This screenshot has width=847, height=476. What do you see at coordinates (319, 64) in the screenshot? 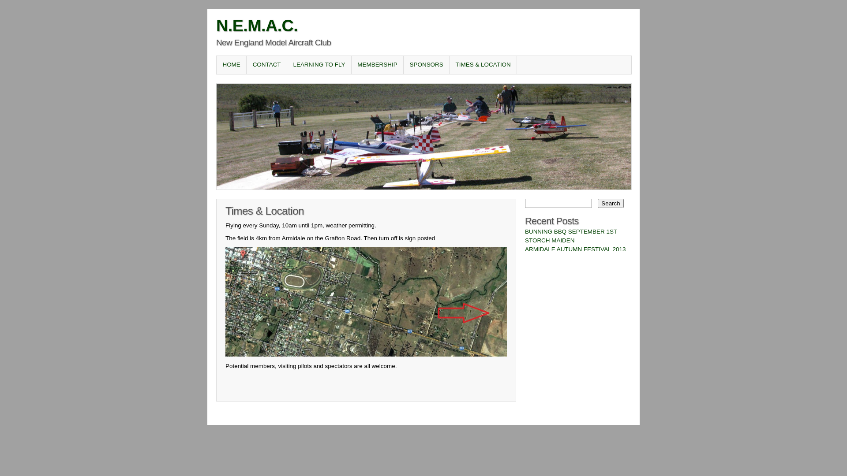
I see `'LEARNING TO FLY'` at bounding box center [319, 64].